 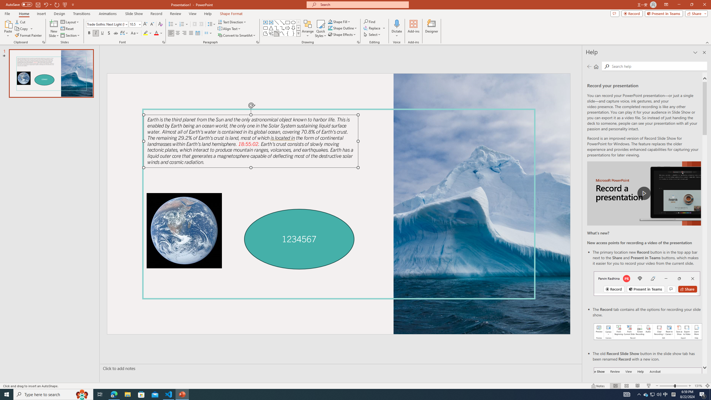 What do you see at coordinates (644, 193) in the screenshot?
I see `'play Record a Presentation'` at bounding box center [644, 193].